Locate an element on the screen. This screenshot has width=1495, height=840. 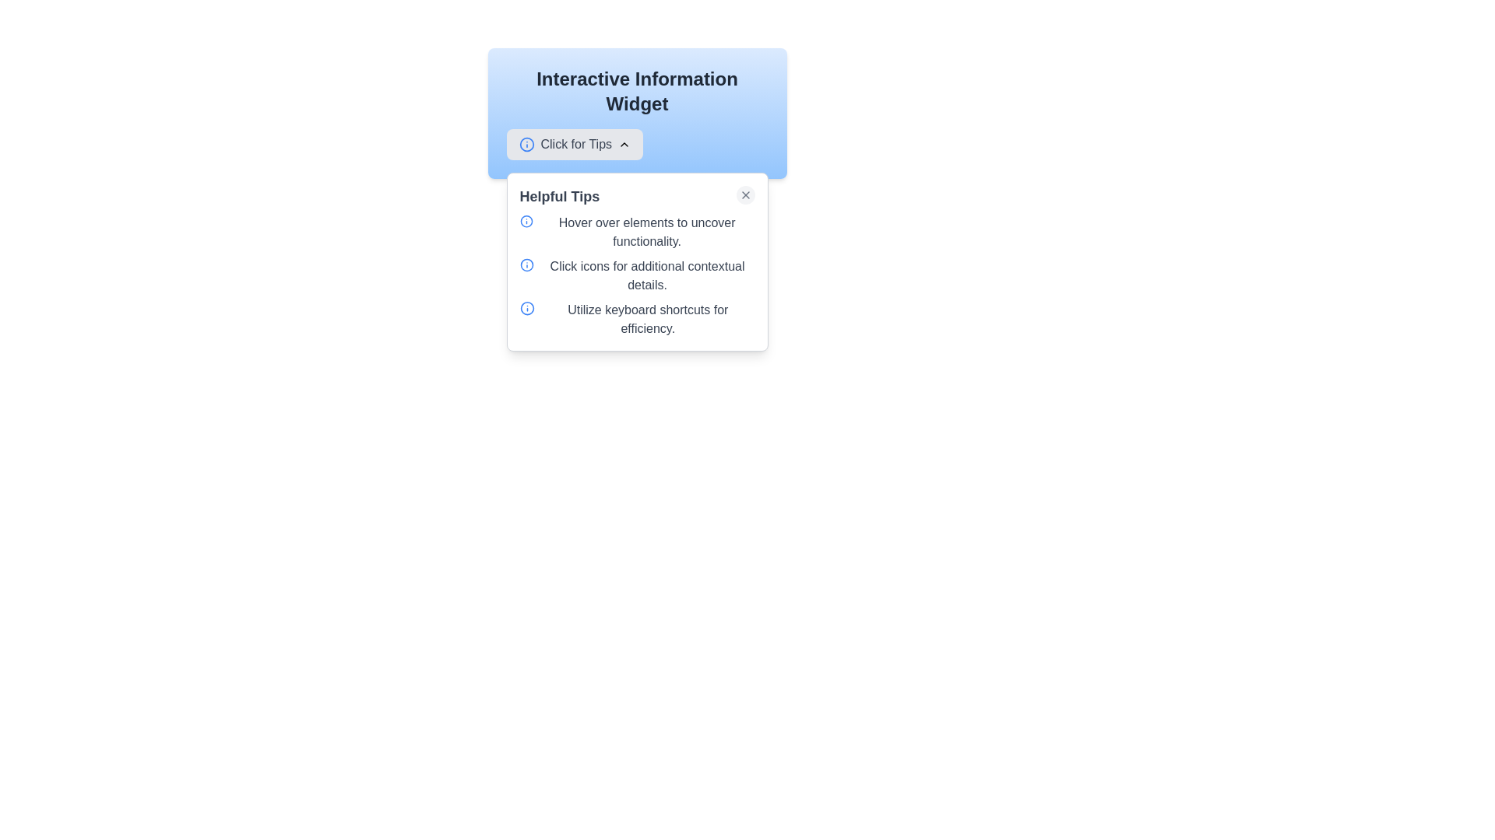
the central circular component with a blue border in the 'Helpful Tips' card interface, located near the title 'Click for Tips' is located at coordinates (526, 144).